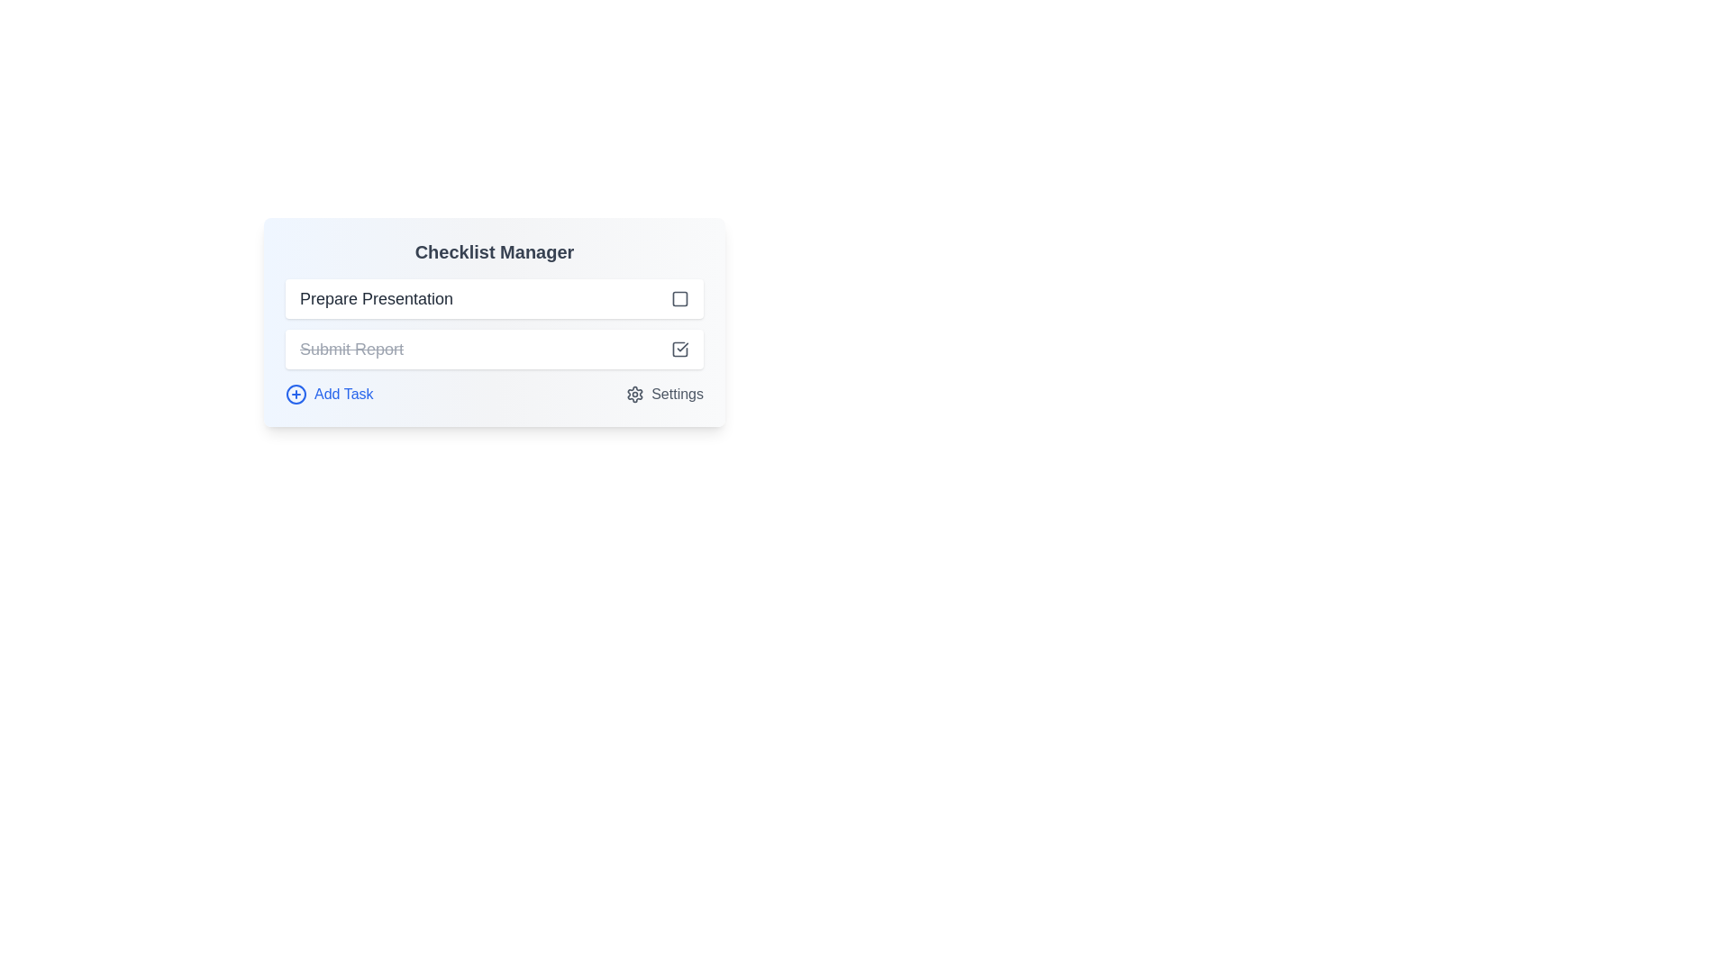  What do you see at coordinates (635, 394) in the screenshot?
I see `the gear icon representing settings, which is located next to the 'Settings' text label in the bottom-right corner of the checklist interface box` at bounding box center [635, 394].